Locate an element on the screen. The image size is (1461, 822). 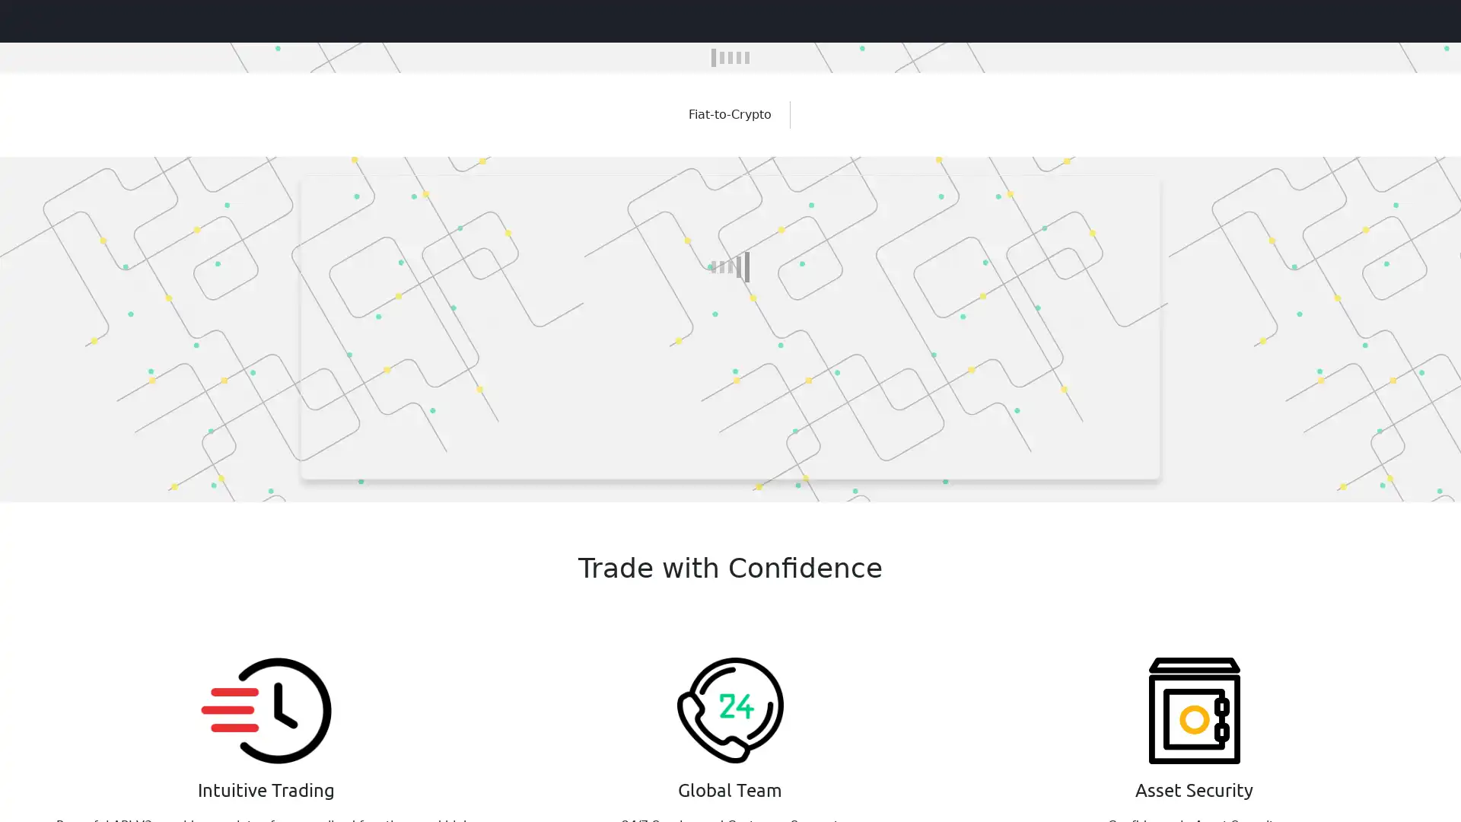
English is located at coordinates (1409, 20).